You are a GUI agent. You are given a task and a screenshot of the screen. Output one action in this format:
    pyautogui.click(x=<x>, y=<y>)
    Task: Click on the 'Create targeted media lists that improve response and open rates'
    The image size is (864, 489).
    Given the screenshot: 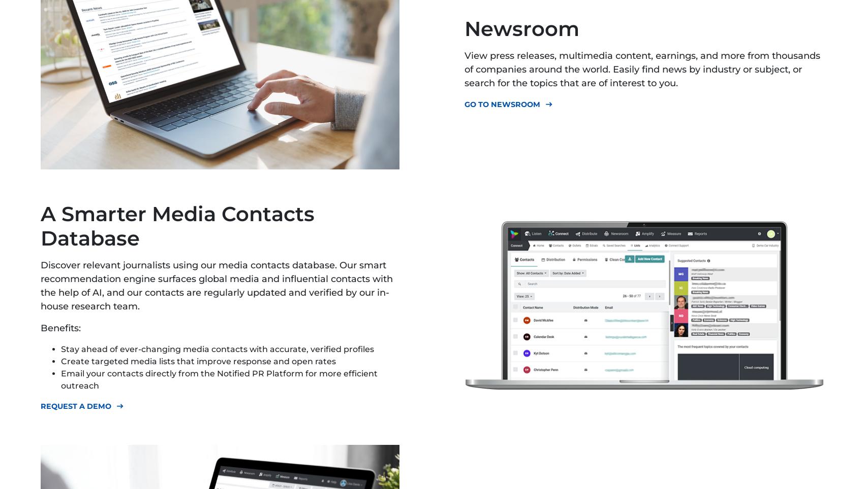 What is the action you would take?
    pyautogui.click(x=198, y=361)
    